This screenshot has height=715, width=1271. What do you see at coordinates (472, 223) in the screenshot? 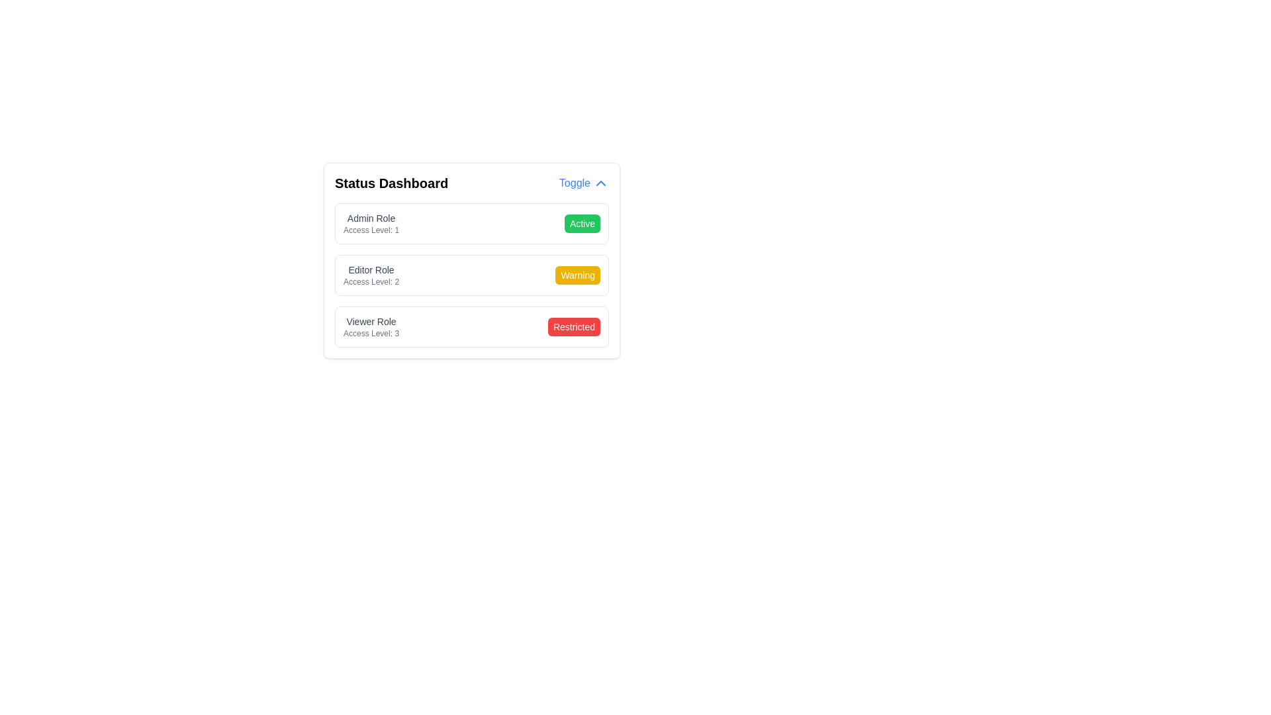
I see `the status and details of the Informational card displaying user role information, level of access, and current status located at the top of the 'Status Dashboard'` at bounding box center [472, 223].